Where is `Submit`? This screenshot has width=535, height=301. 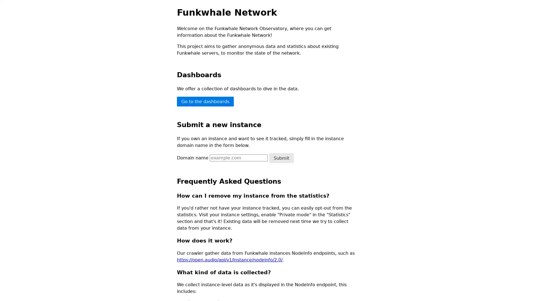
Submit is located at coordinates (281, 158).